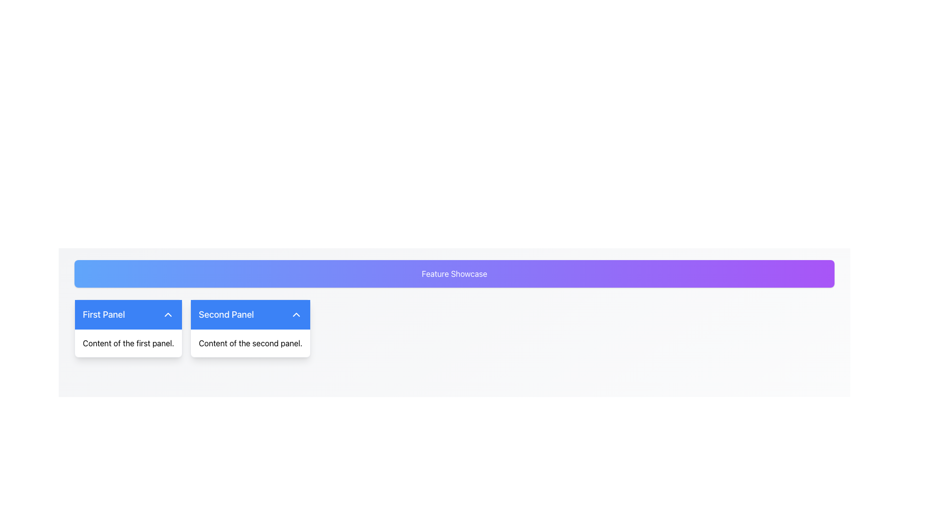  What do you see at coordinates (226, 315) in the screenshot?
I see `text label displaying 'Second Panel' which is styled with a prominent blue background and white text, located in the header area of the second panel` at bounding box center [226, 315].